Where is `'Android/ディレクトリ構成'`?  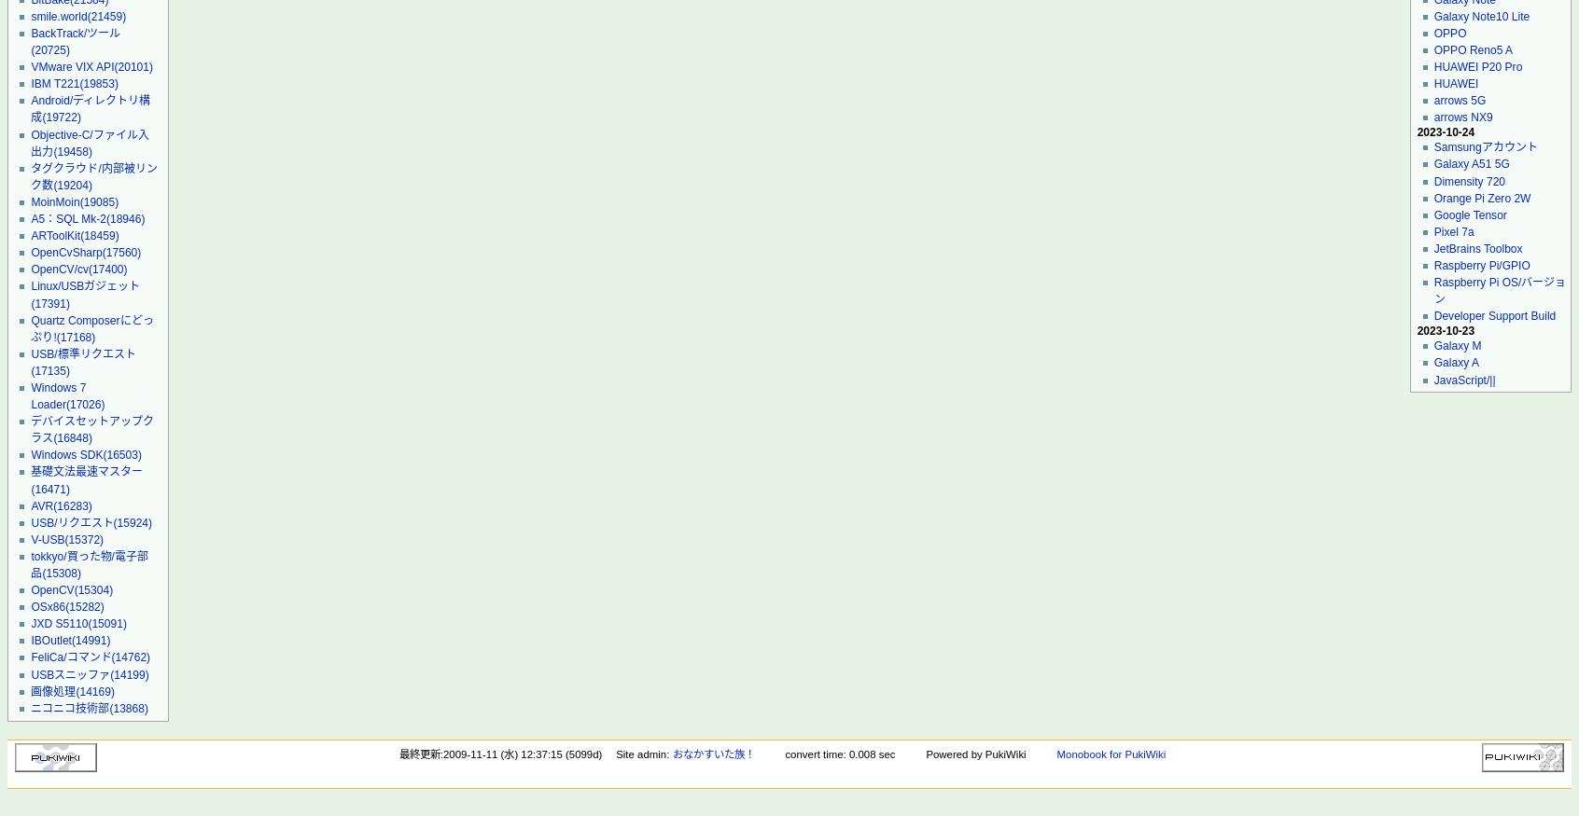 'Android/ディレクトリ構成' is located at coordinates (90, 108).